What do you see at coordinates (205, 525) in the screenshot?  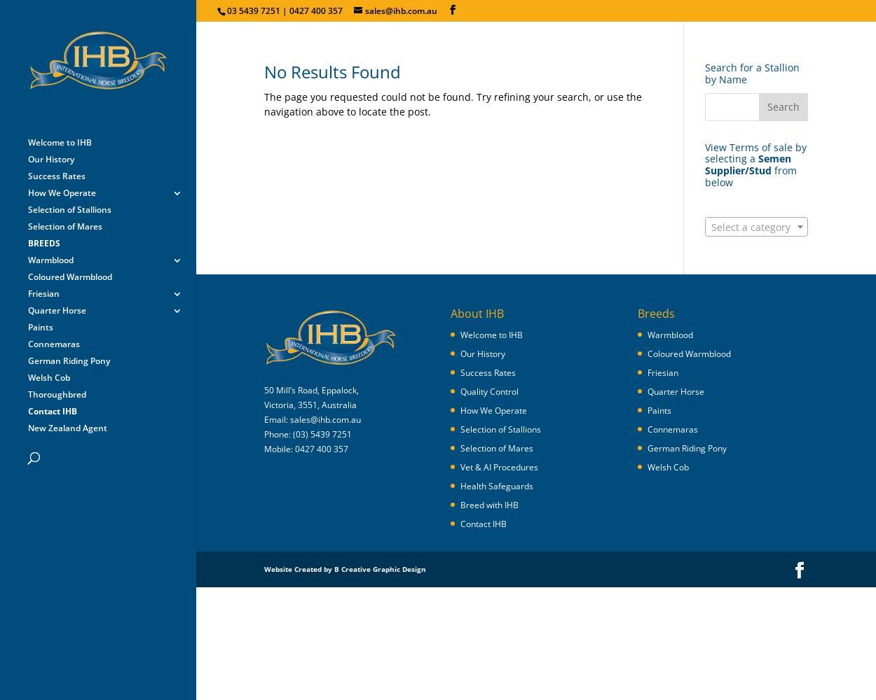 I see `'Millbry Hill Stud'` at bounding box center [205, 525].